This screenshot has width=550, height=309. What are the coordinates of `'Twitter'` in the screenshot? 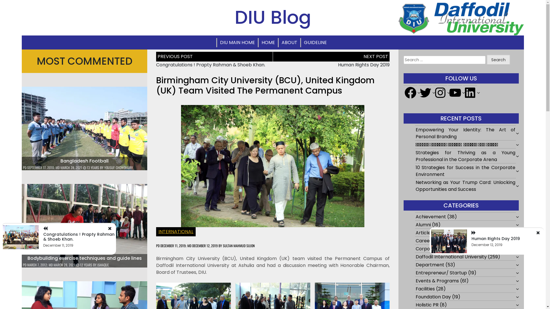 It's located at (418, 92).